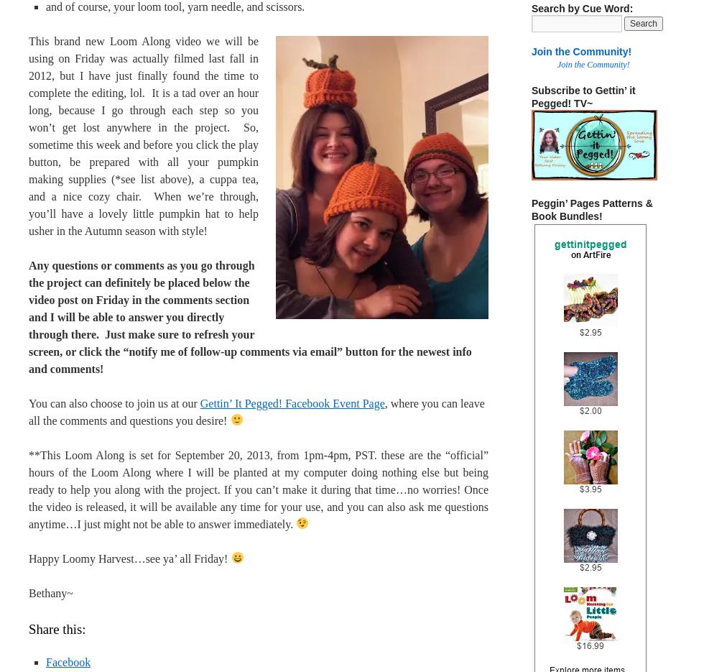 This screenshot has width=704, height=672. I want to click on 'Bethany~', so click(50, 592).